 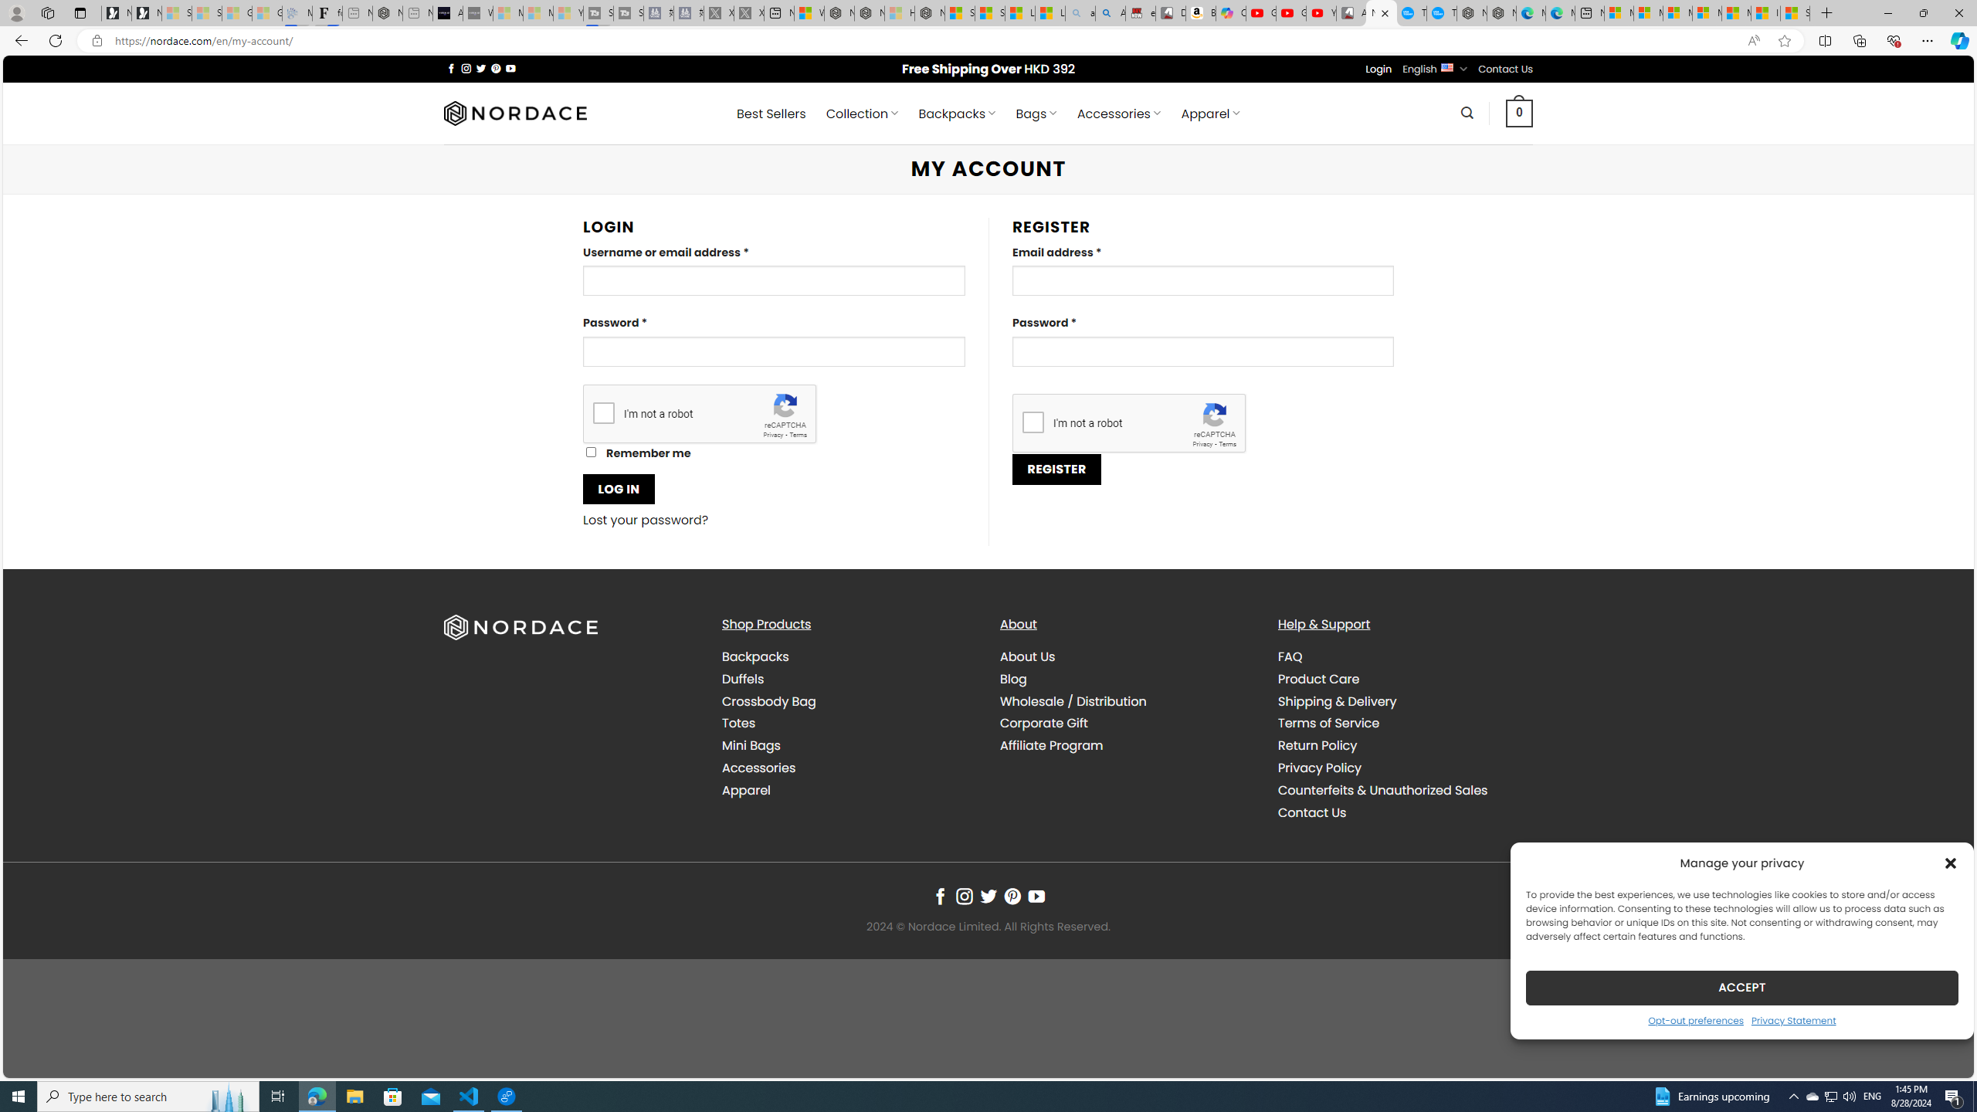 What do you see at coordinates (1056, 468) in the screenshot?
I see `'REGISTER'` at bounding box center [1056, 468].